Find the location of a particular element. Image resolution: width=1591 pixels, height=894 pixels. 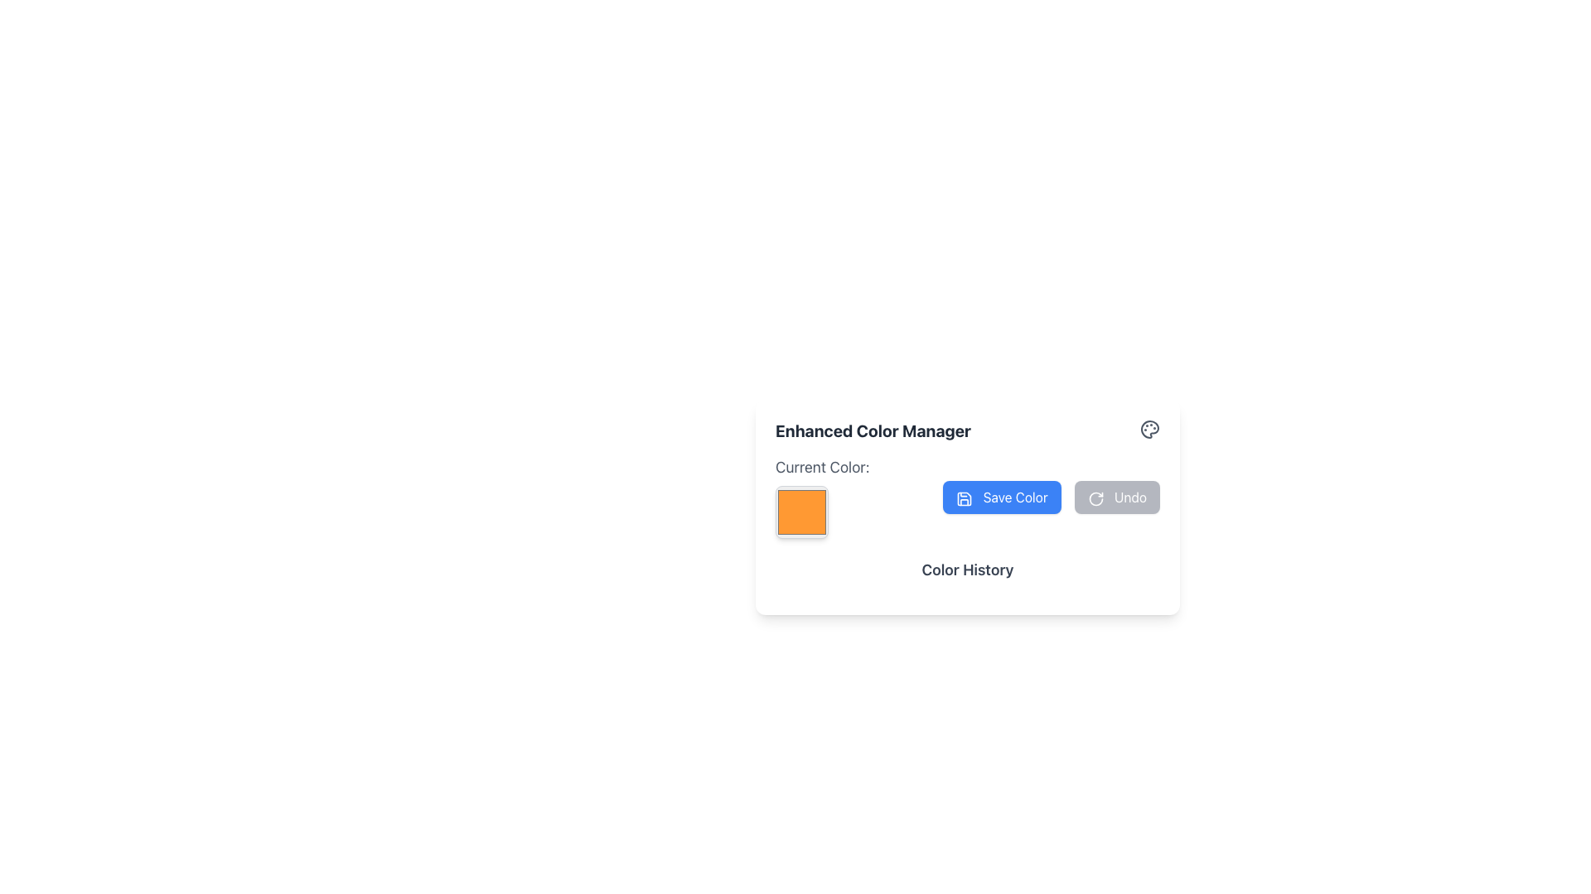

the 'Save Color' button within the Interactive Panel of the 'Enhanced Color Manager' is located at coordinates (967, 497).